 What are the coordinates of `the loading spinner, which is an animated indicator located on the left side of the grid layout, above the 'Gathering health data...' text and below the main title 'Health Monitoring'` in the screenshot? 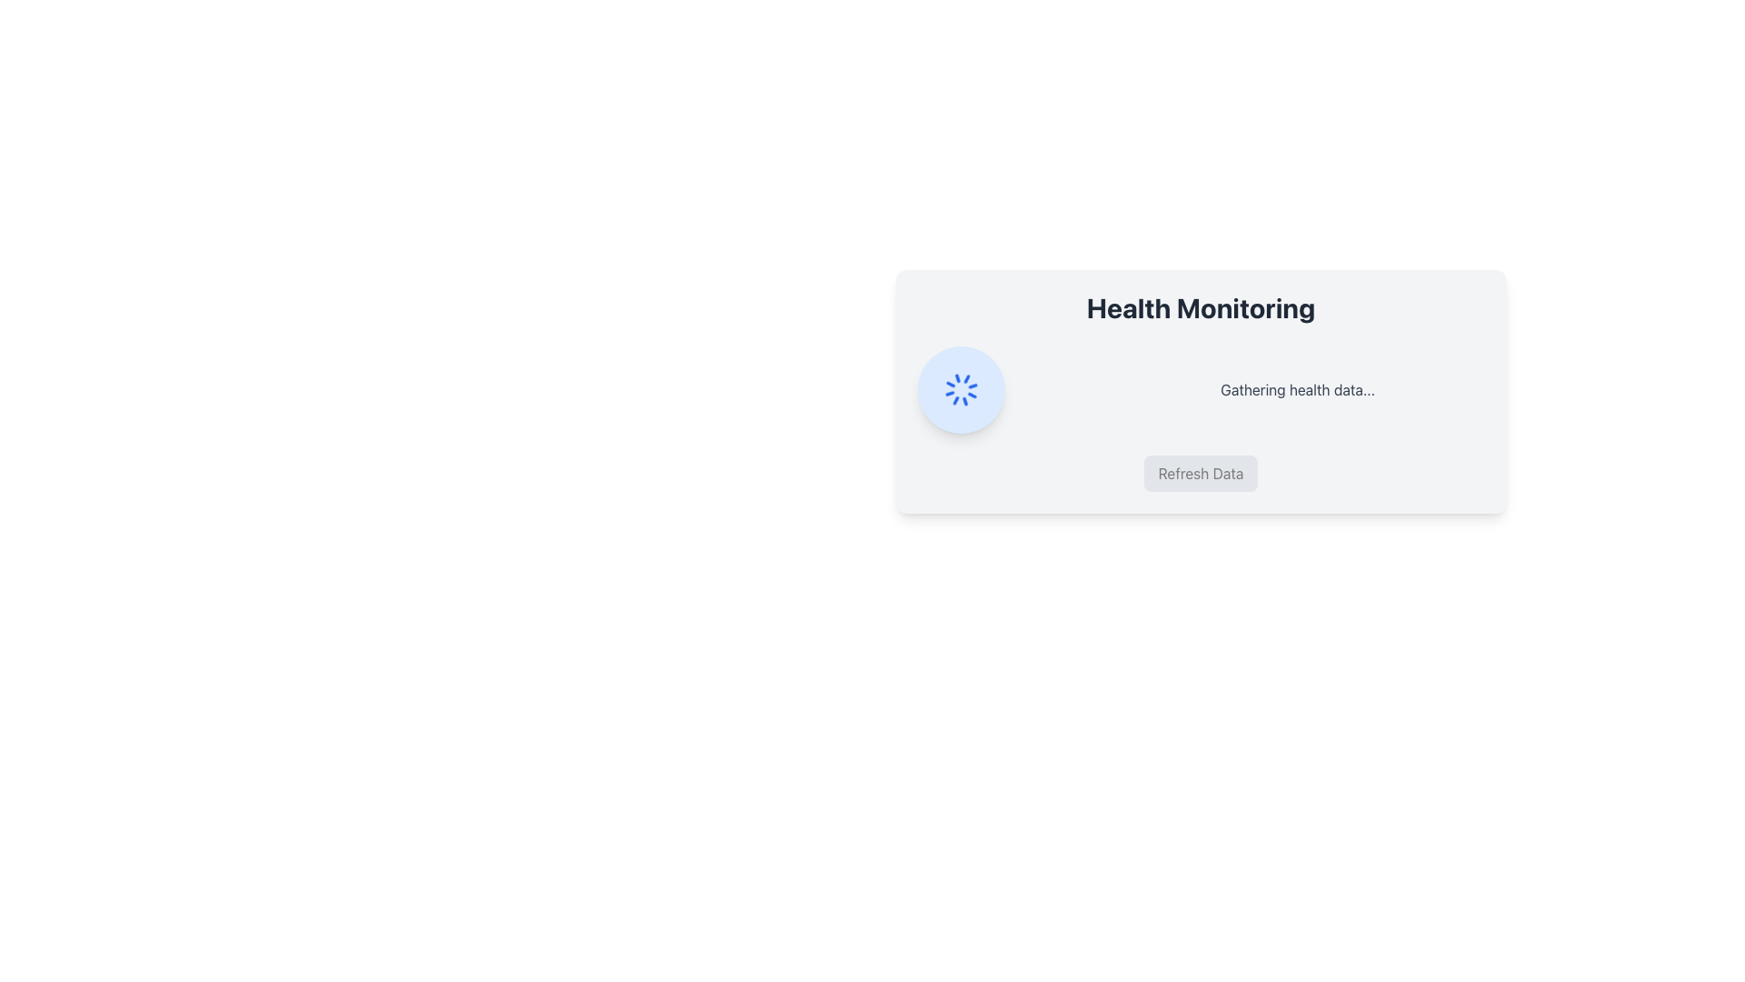 It's located at (960, 388).